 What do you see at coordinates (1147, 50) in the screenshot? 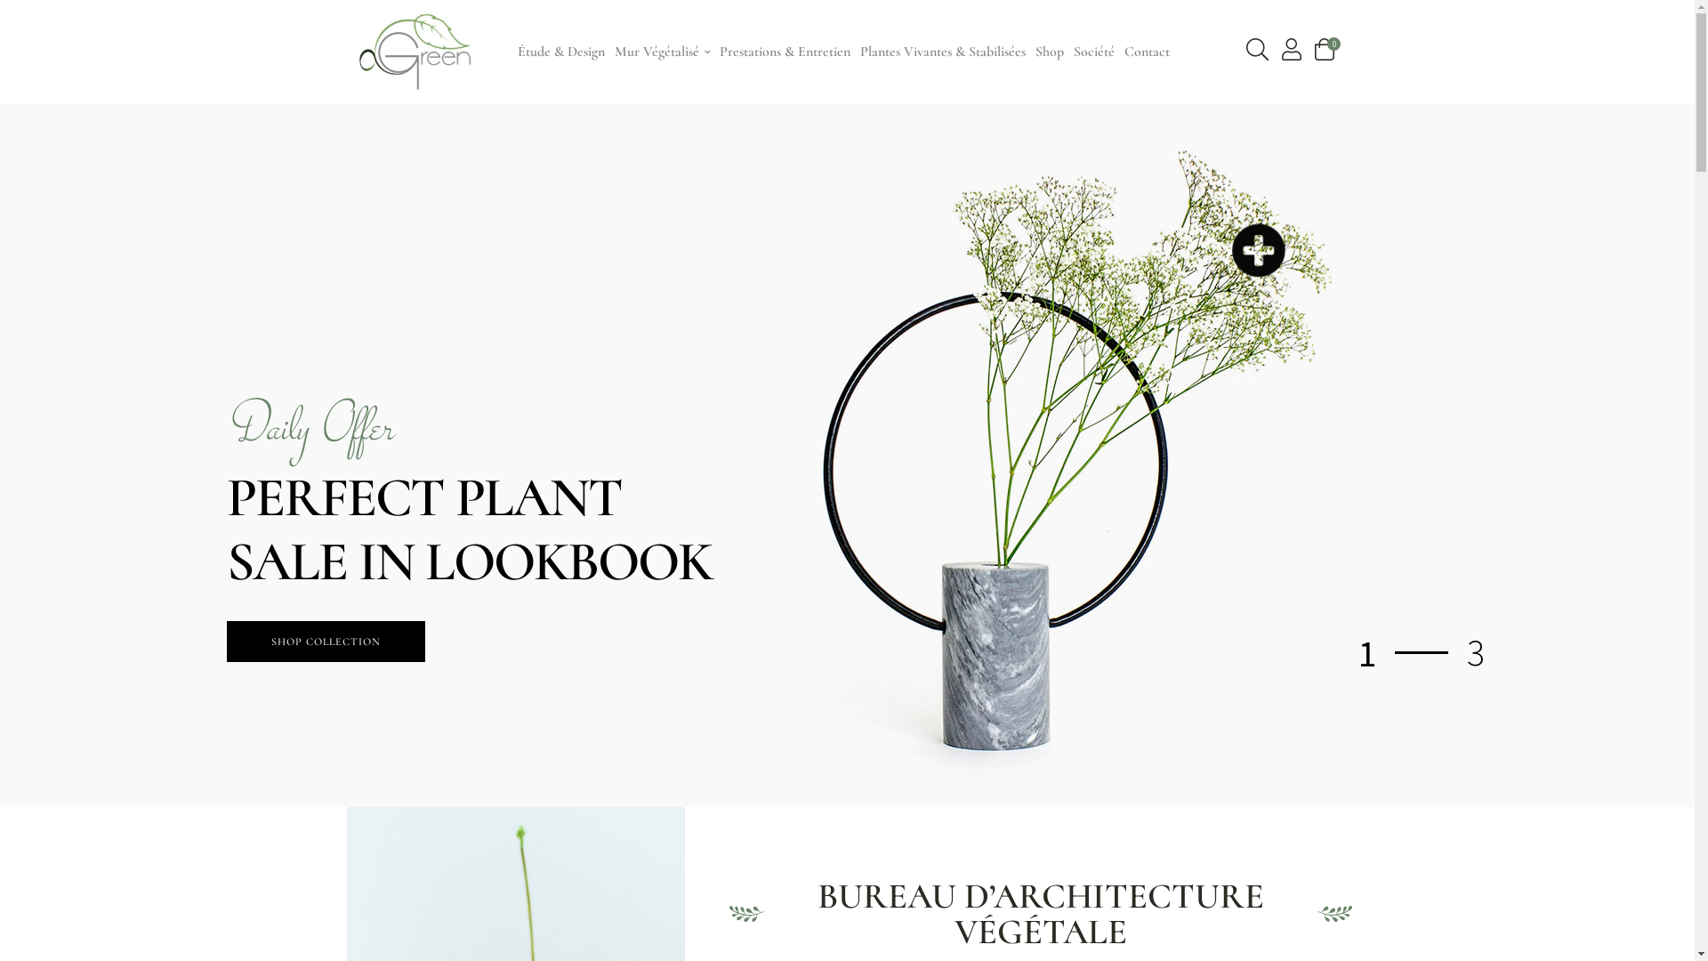
I see `'Contact'` at bounding box center [1147, 50].